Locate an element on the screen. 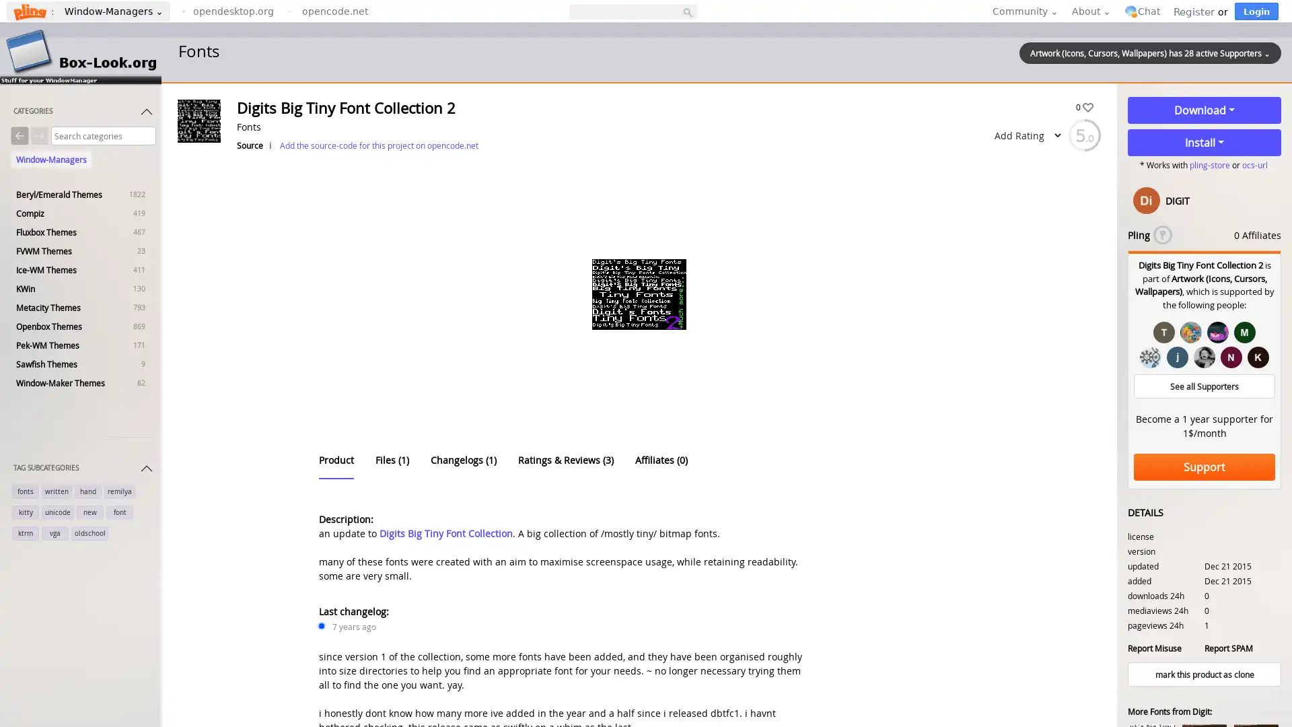  Download is located at coordinates (1205, 110).